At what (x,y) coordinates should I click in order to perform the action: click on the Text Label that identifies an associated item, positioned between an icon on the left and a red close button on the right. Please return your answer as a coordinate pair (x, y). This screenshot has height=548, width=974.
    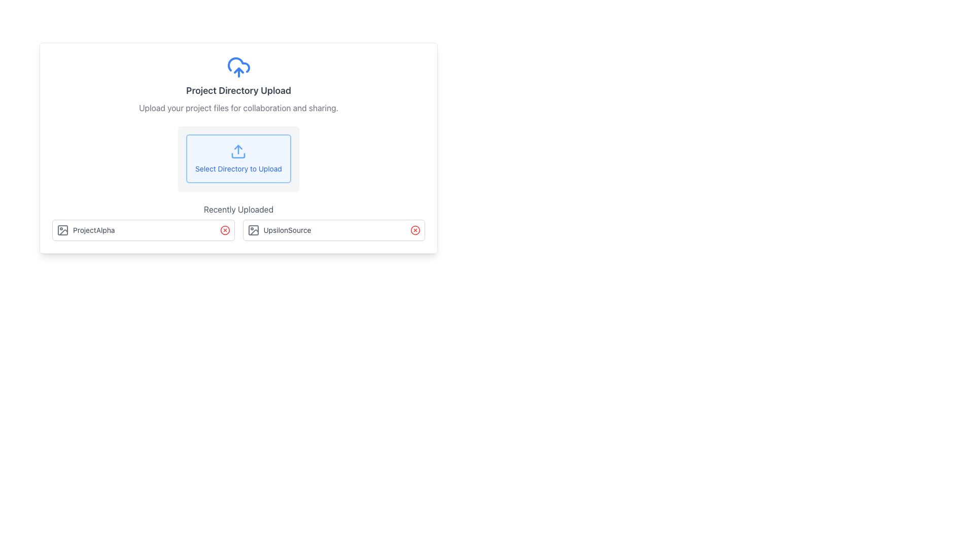
    Looking at the image, I should click on (287, 230).